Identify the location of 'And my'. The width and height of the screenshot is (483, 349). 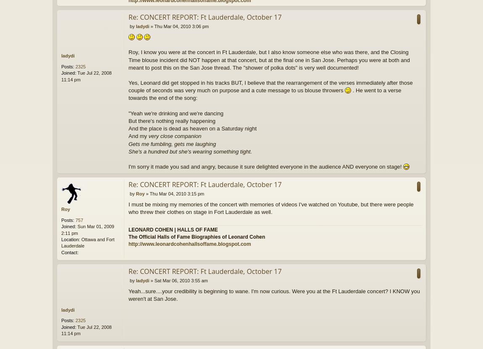
(138, 136).